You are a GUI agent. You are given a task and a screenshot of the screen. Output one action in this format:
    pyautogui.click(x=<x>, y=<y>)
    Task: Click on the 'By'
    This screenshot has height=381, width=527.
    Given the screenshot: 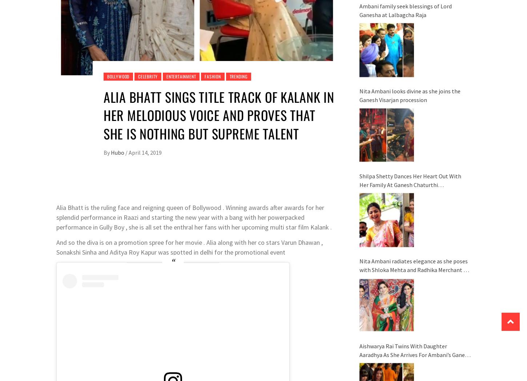 What is the action you would take?
    pyautogui.click(x=106, y=151)
    